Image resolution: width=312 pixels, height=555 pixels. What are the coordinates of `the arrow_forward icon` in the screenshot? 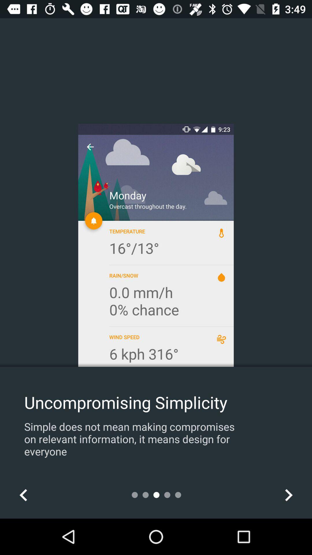 It's located at (288, 495).